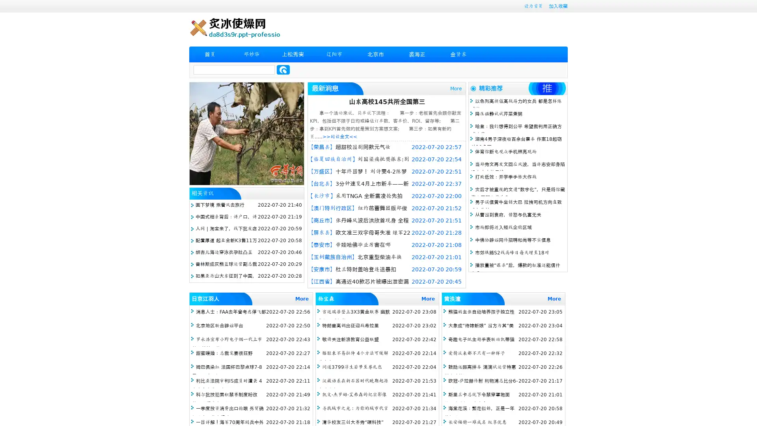  I want to click on Search, so click(283, 69).